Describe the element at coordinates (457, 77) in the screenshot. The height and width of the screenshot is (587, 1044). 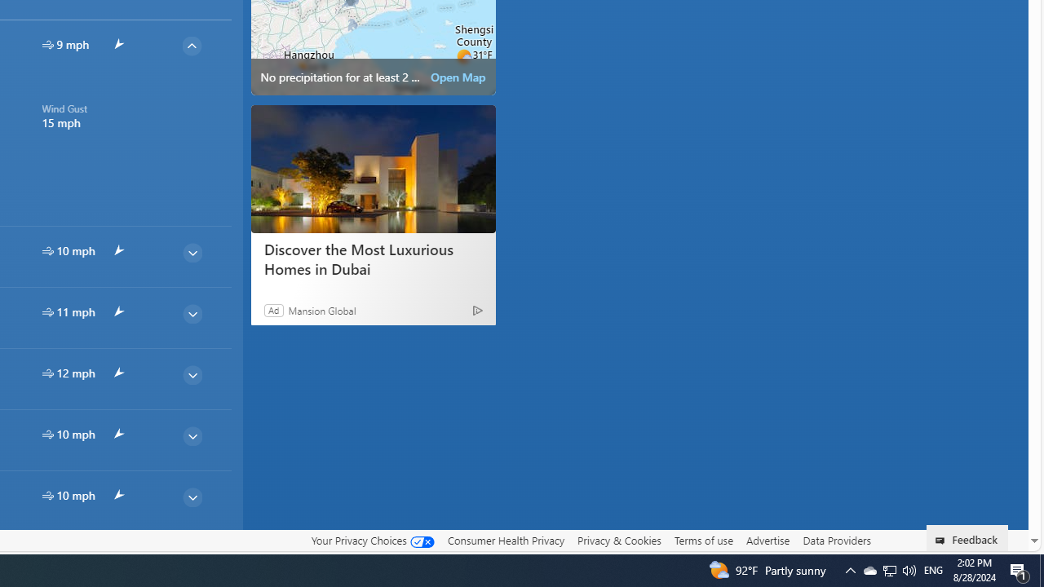
I see `'Open Map'` at that location.